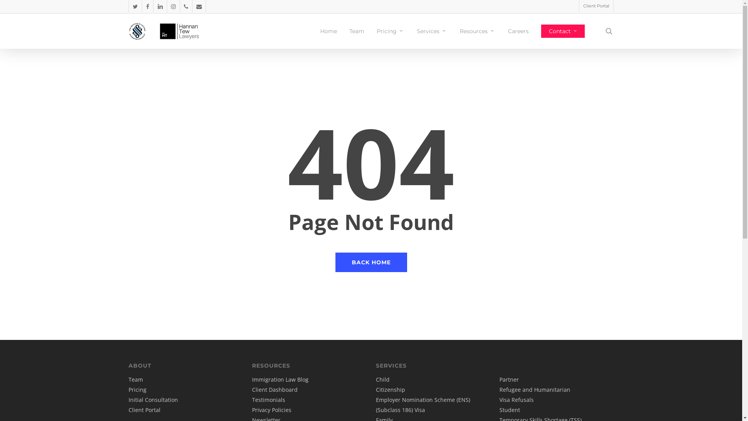 The image size is (748, 421). Describe the element at coordinates (147, 6) in the screenshot. I see `'Facebook'` at that location.